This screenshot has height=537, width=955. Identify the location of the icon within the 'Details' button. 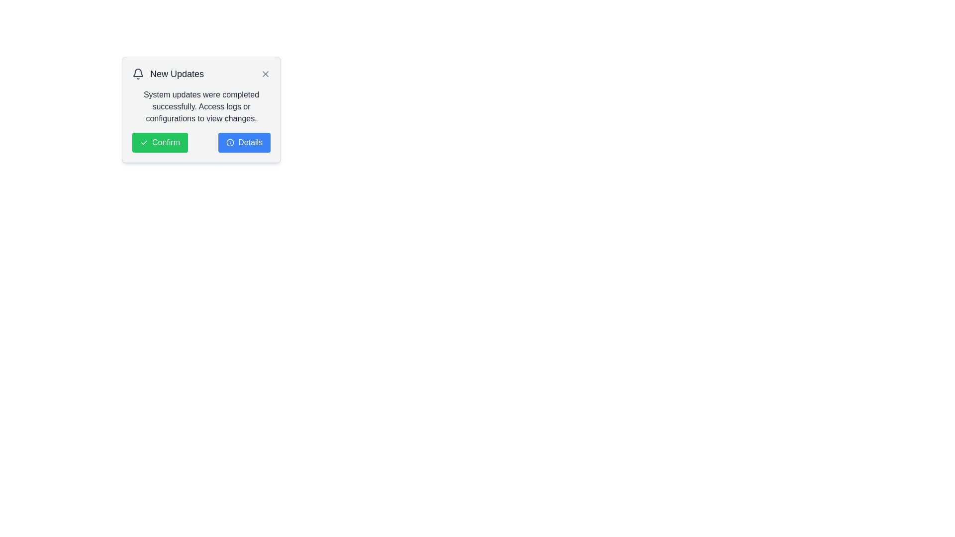
(230, 142).